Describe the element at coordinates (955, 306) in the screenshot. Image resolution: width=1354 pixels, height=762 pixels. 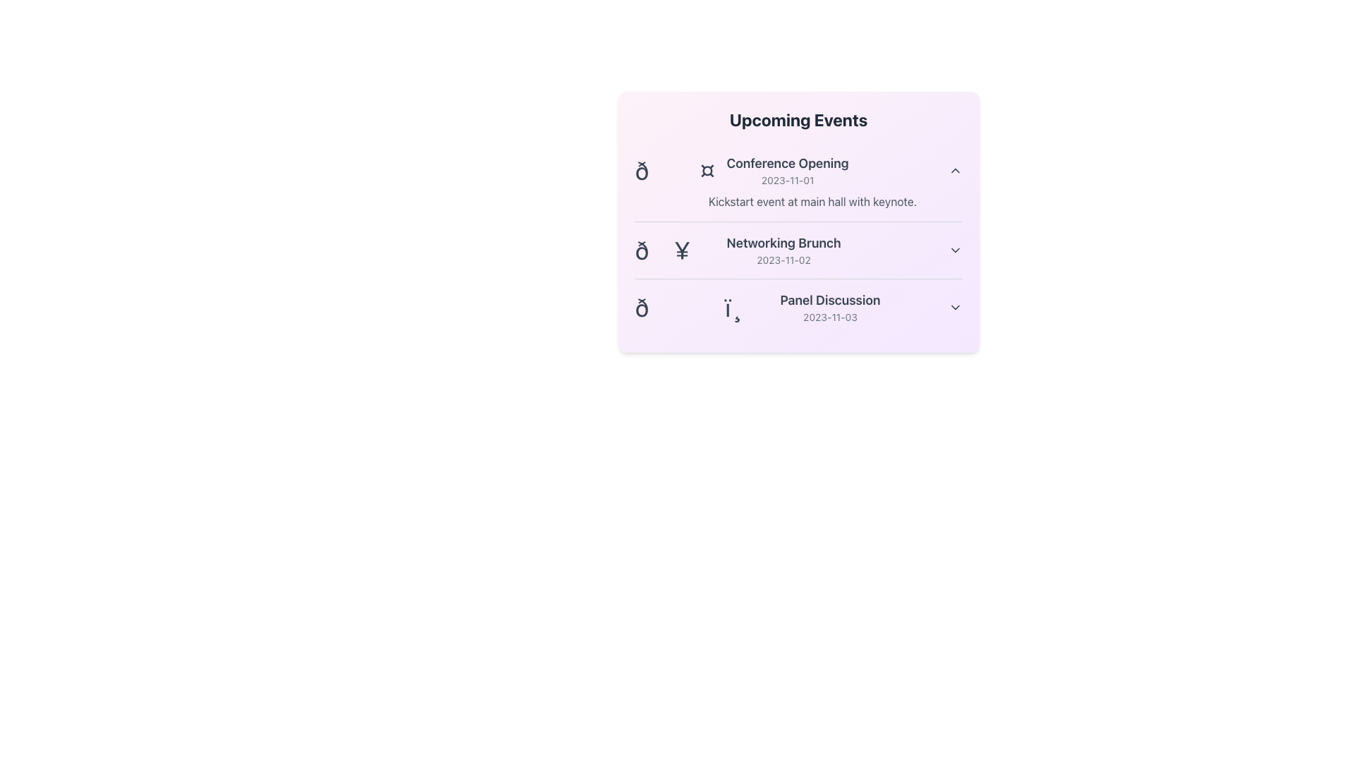
I see `the chevron icon indicating the expandable section of the 'Panel Discussion' event in the 'Upcoming Events' list` at that location.